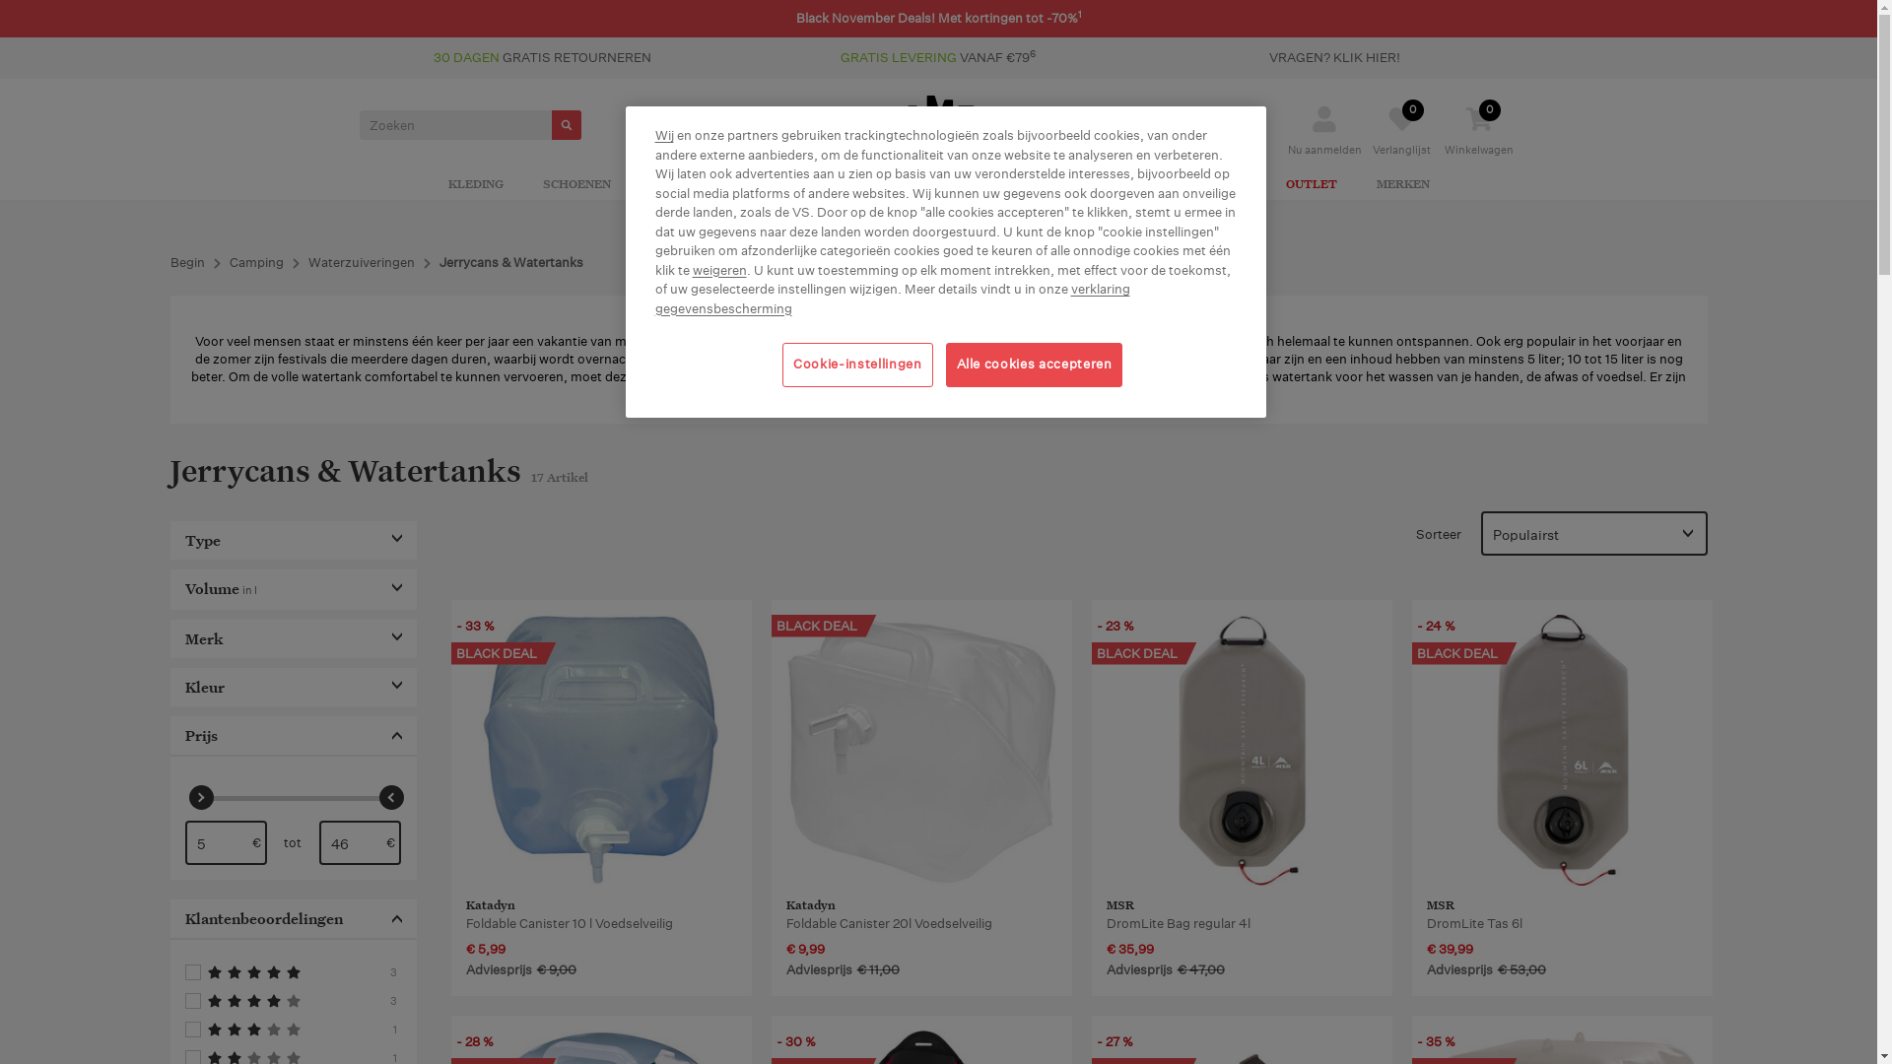  I want to click on 'MERKEN', so click(1400, 185).